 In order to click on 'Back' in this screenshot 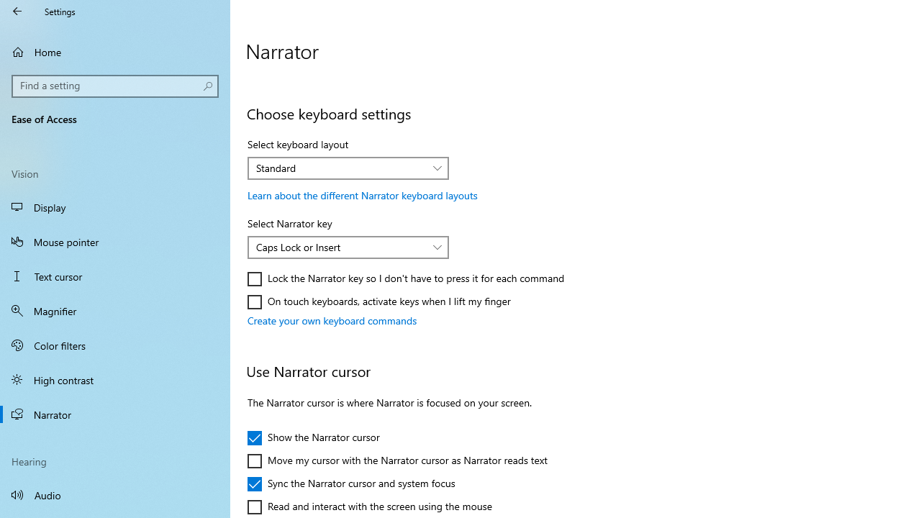, I will do `click(17, 11)`.